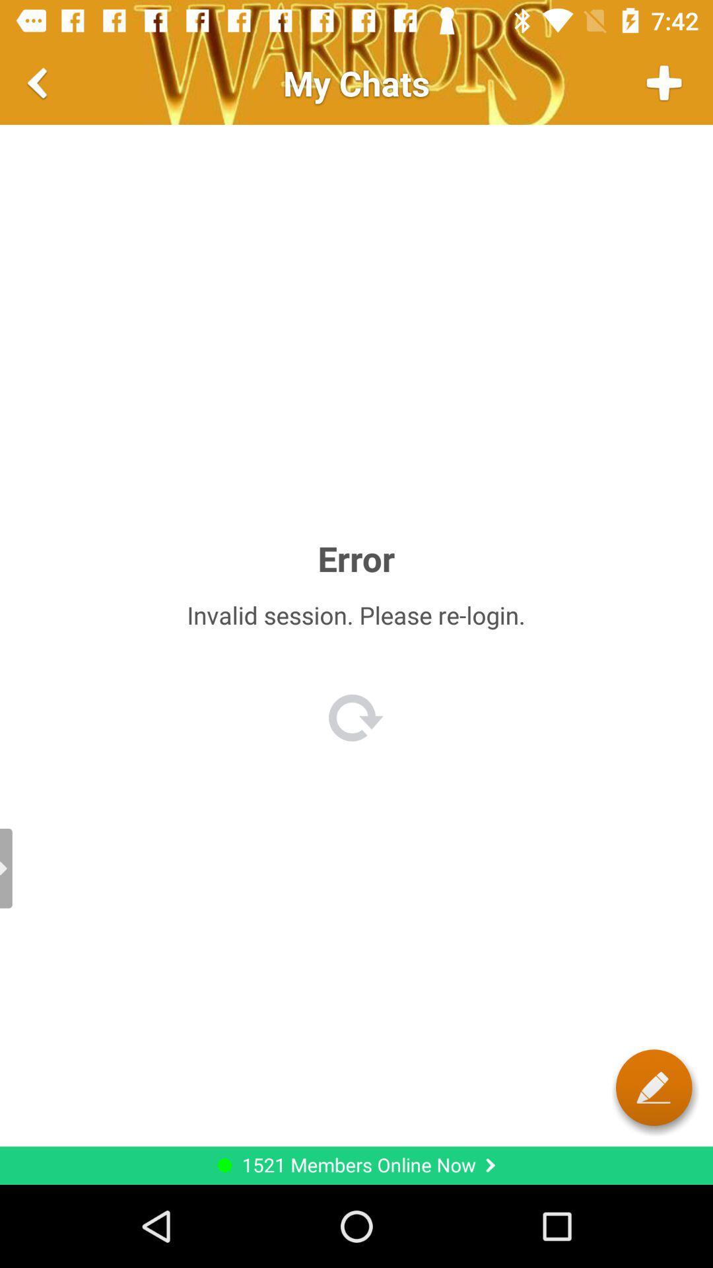  I want to click on write new, so click(654, 1087).